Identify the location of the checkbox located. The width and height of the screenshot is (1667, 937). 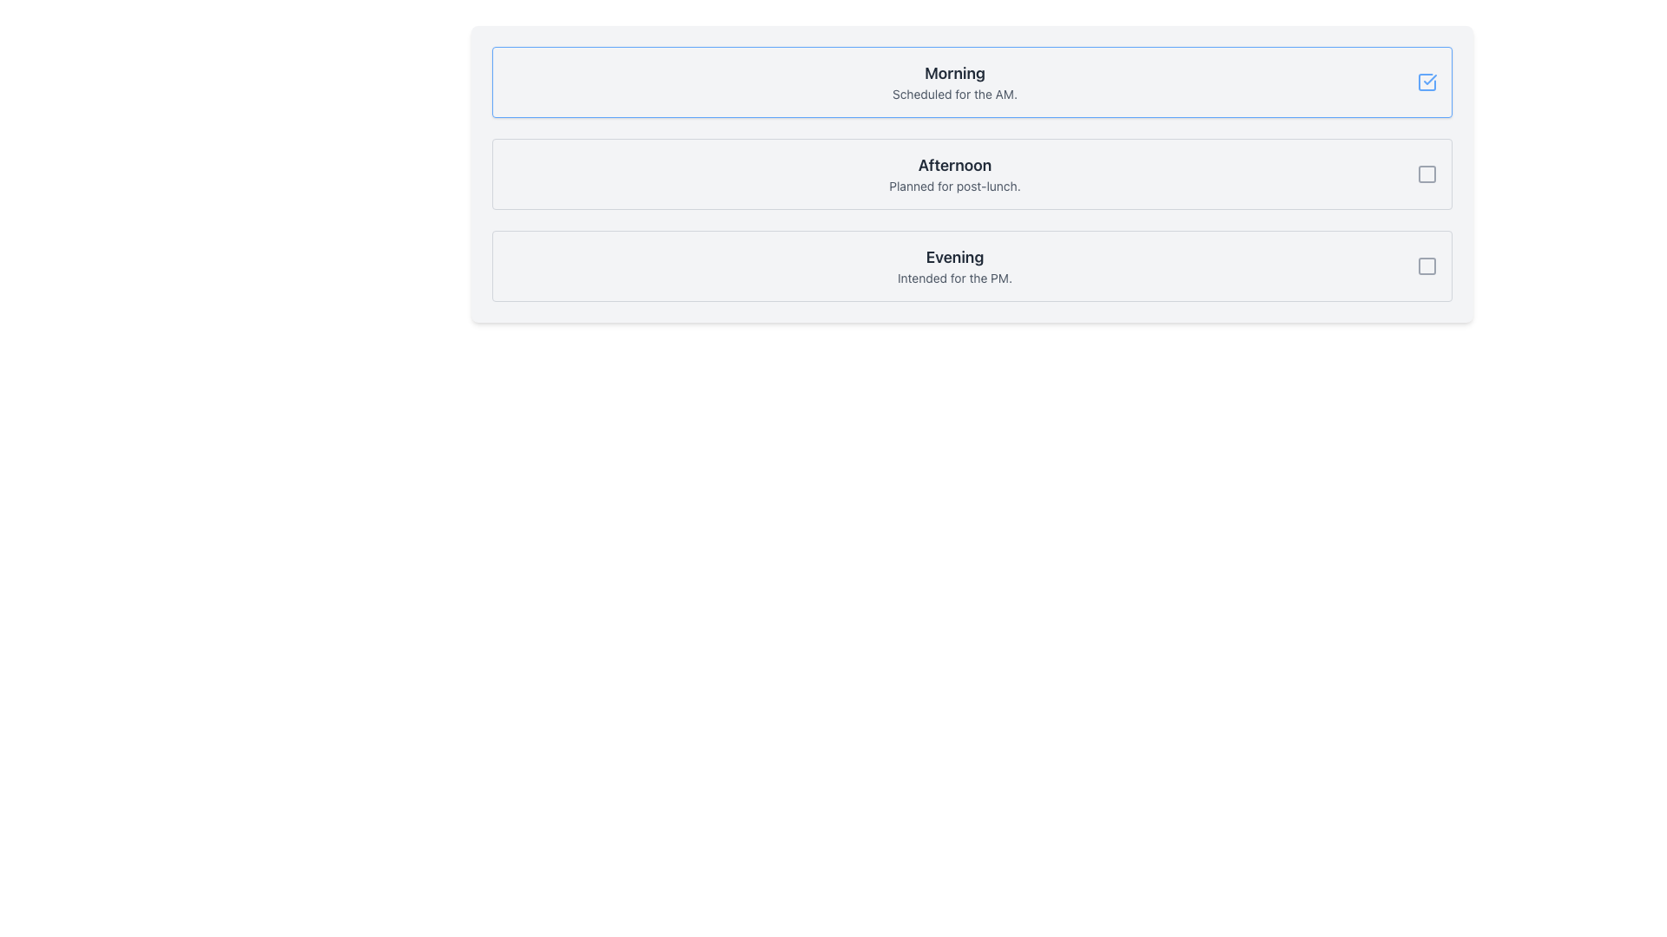
(1427, 174).